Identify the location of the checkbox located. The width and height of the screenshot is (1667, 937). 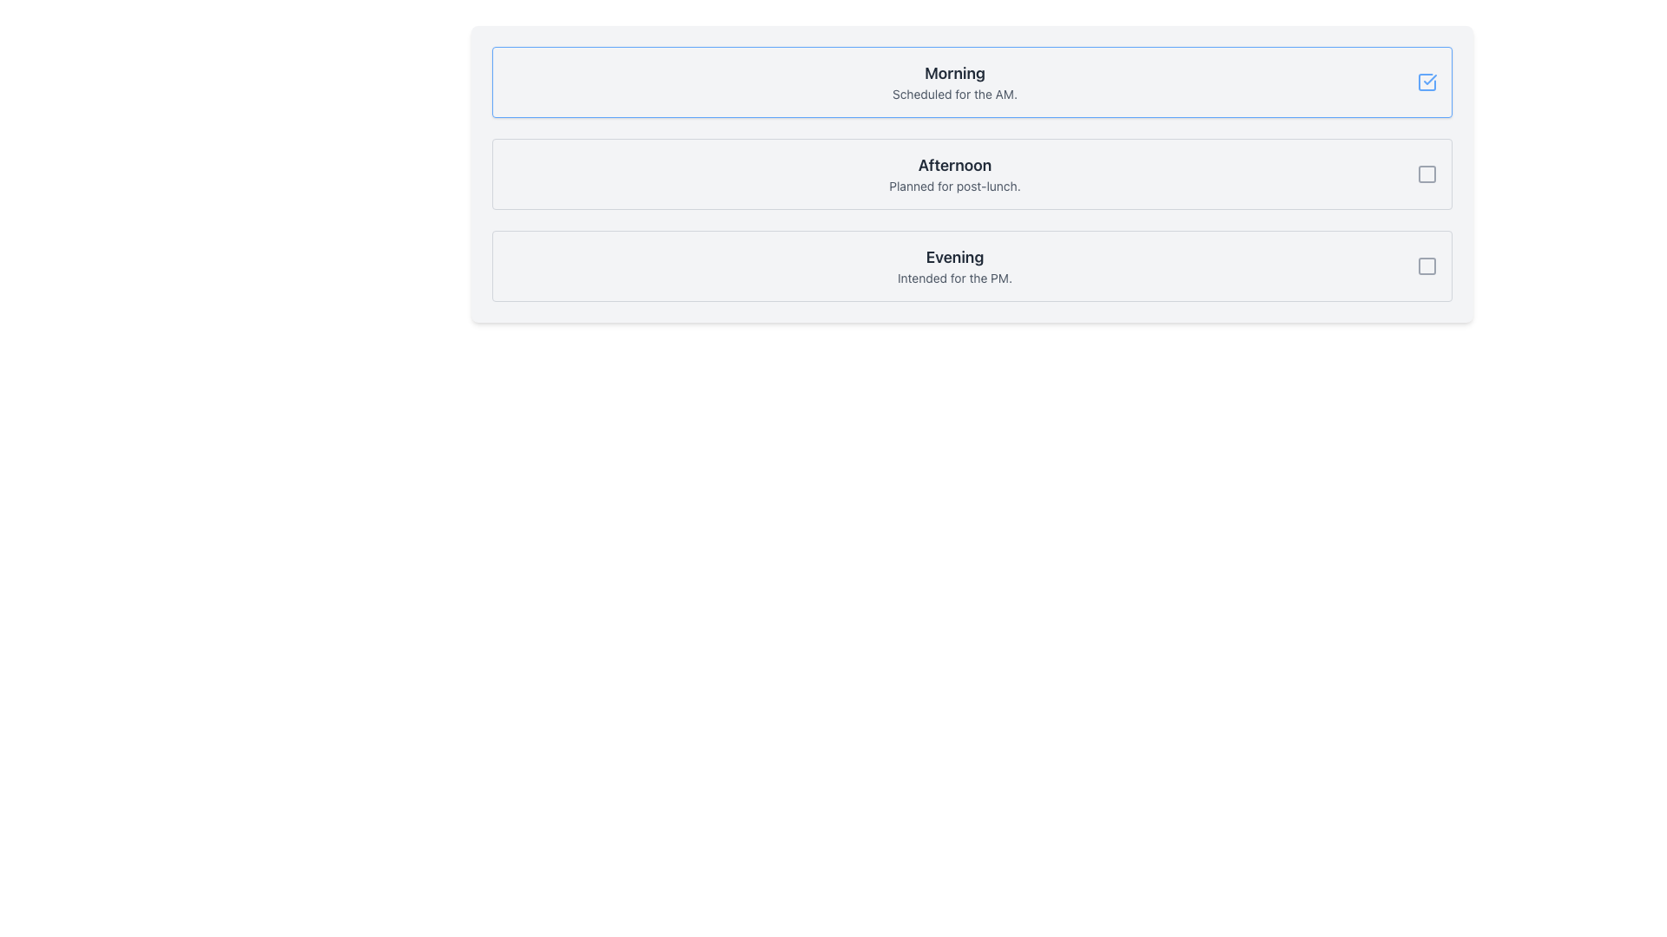
(1427, 174).